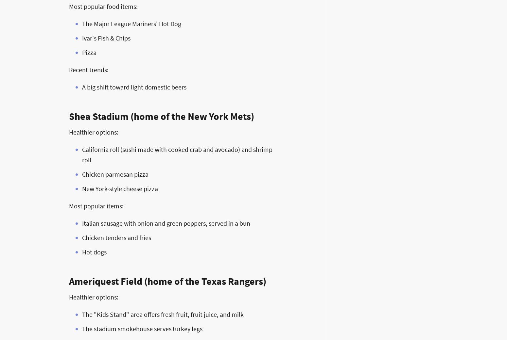 This screenshot has width=507, height=340. Describe the element at coordinates (134, 87) in the screenshot. I see `'A big shift toward light domestic beers'` at that location.